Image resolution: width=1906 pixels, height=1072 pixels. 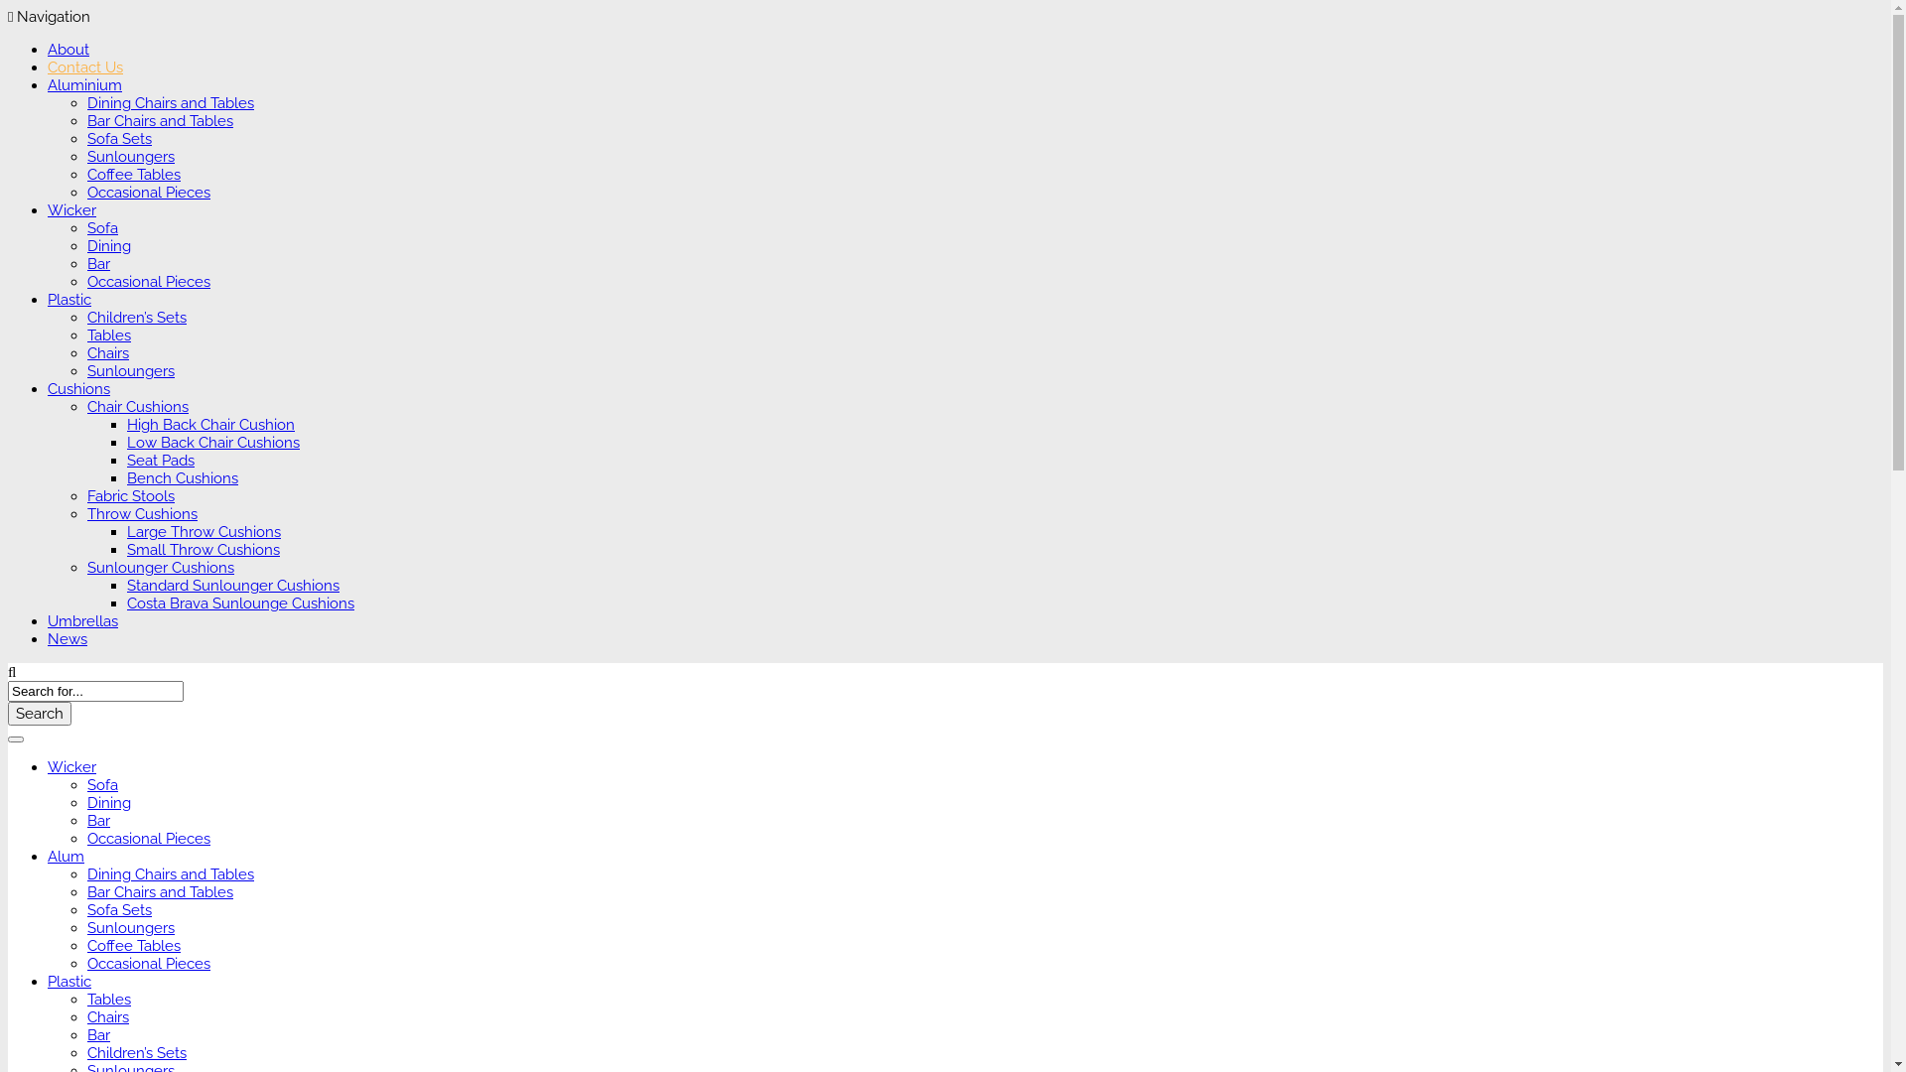 What do you see at coordinates (68, 49) in the screenshot?
I see `'About'` at bounding box center [68, 49].